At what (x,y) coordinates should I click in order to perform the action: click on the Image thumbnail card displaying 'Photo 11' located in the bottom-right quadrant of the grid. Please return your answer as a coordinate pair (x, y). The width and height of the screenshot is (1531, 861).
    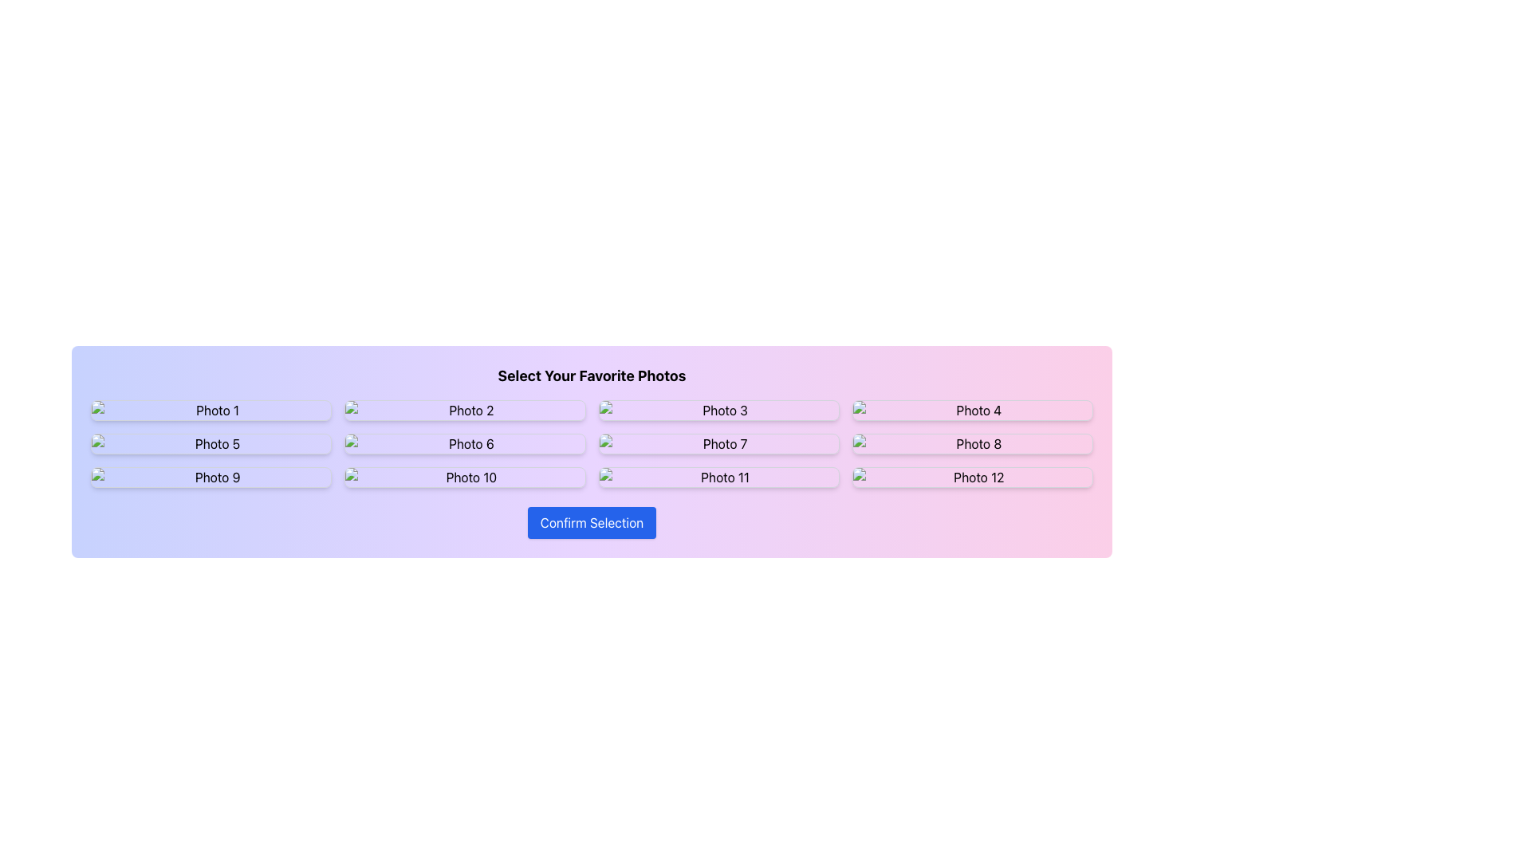
    Looking at the image, I should click on (718, 476).